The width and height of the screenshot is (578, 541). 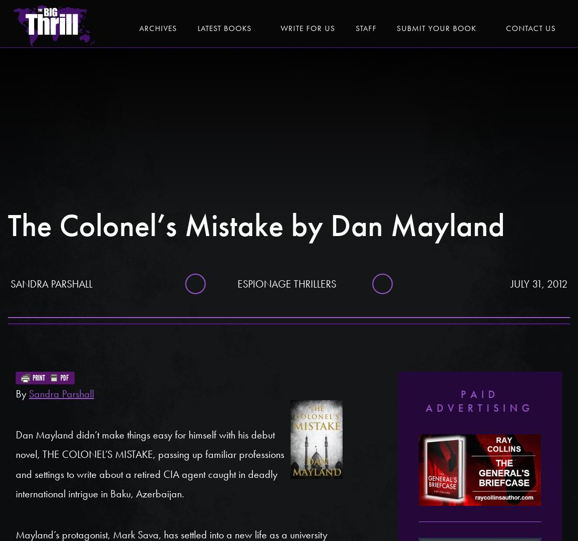 What do you see at coordinates (479, 218) in the screenshot?
I see `'Lloyd Devereux Richards'` at bounding box center [479, 218].